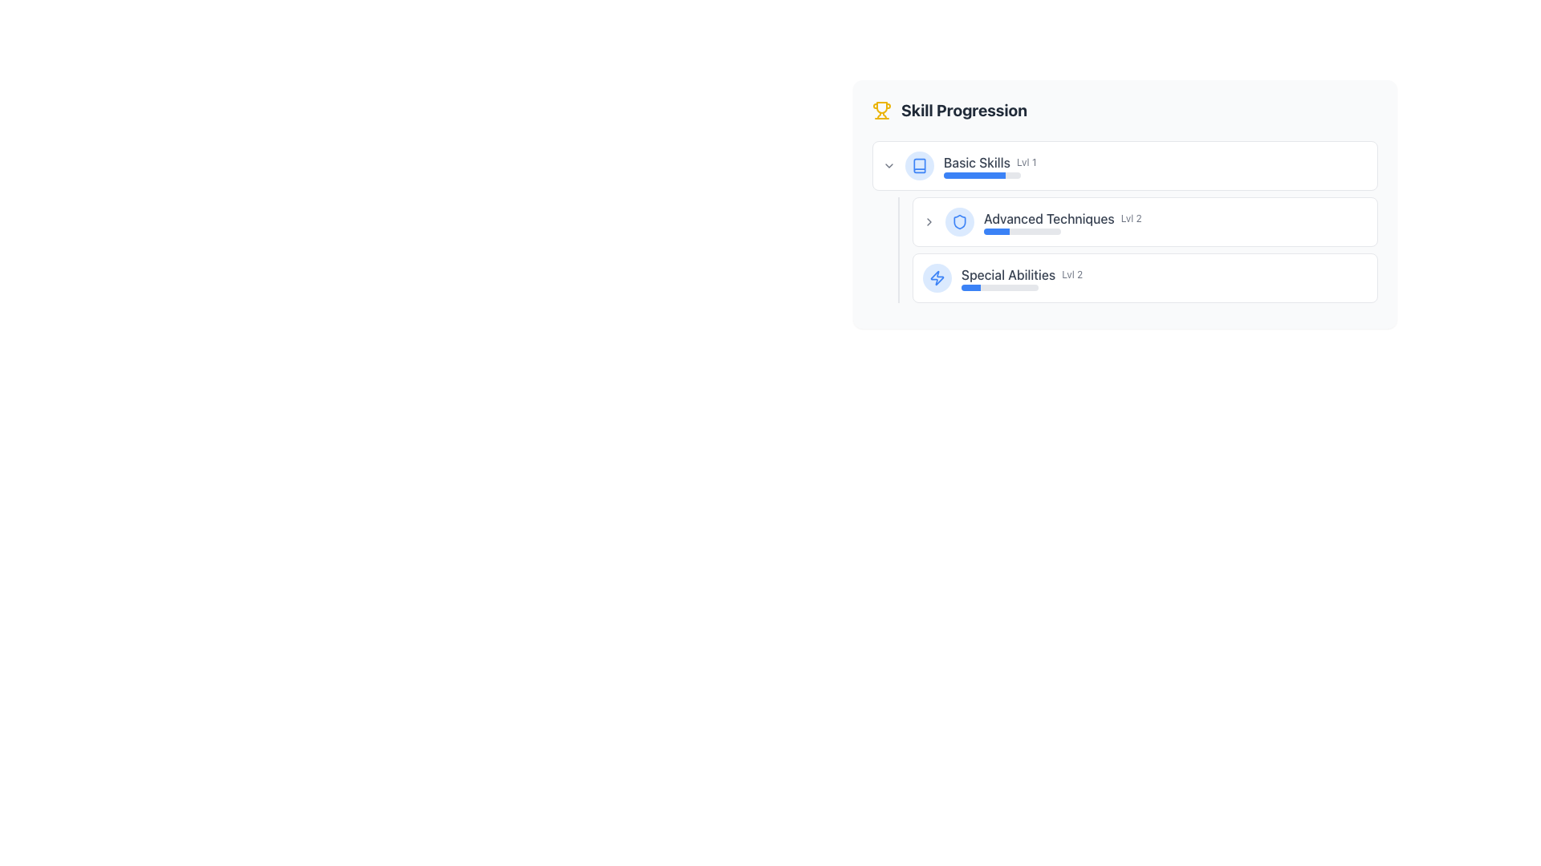  Describe the element at coordinates (1026, 163) in the screenshot. I see `the Text Label displaying 'Lvl 1', which is styled in light gray and positioned adjacent to 'Basic Skills'` at that location.